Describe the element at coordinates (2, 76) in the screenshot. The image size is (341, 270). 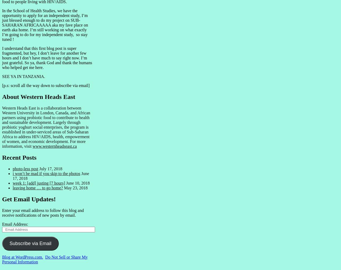
I see `'SEE YA IN TANZANIA.'` at that location.